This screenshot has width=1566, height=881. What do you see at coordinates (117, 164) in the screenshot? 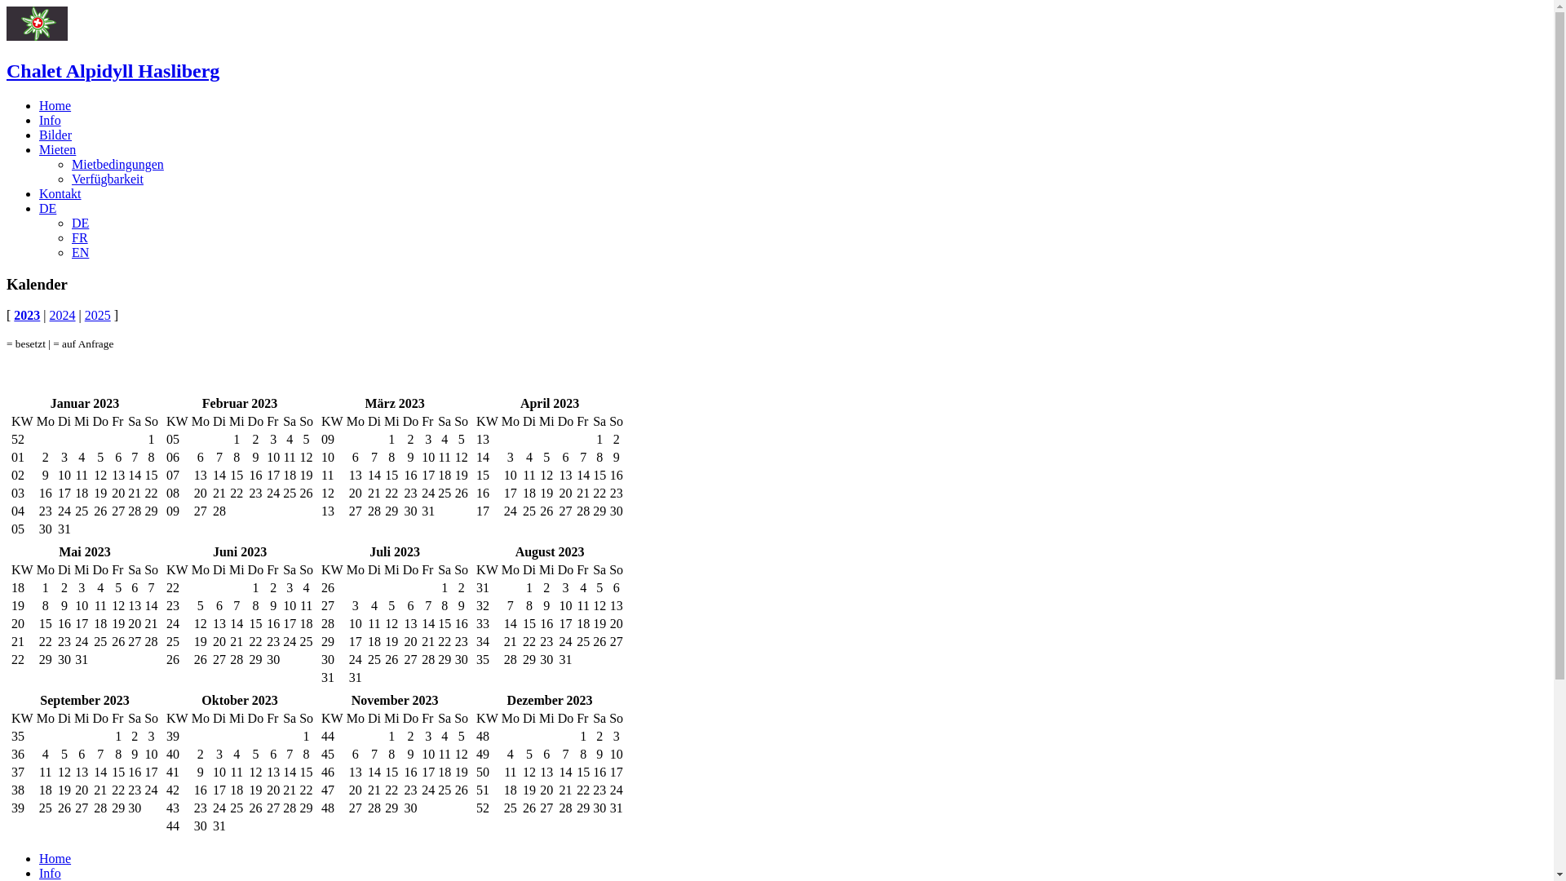
I see `'Mietbedingungen'` at bounding box center [117, 164].